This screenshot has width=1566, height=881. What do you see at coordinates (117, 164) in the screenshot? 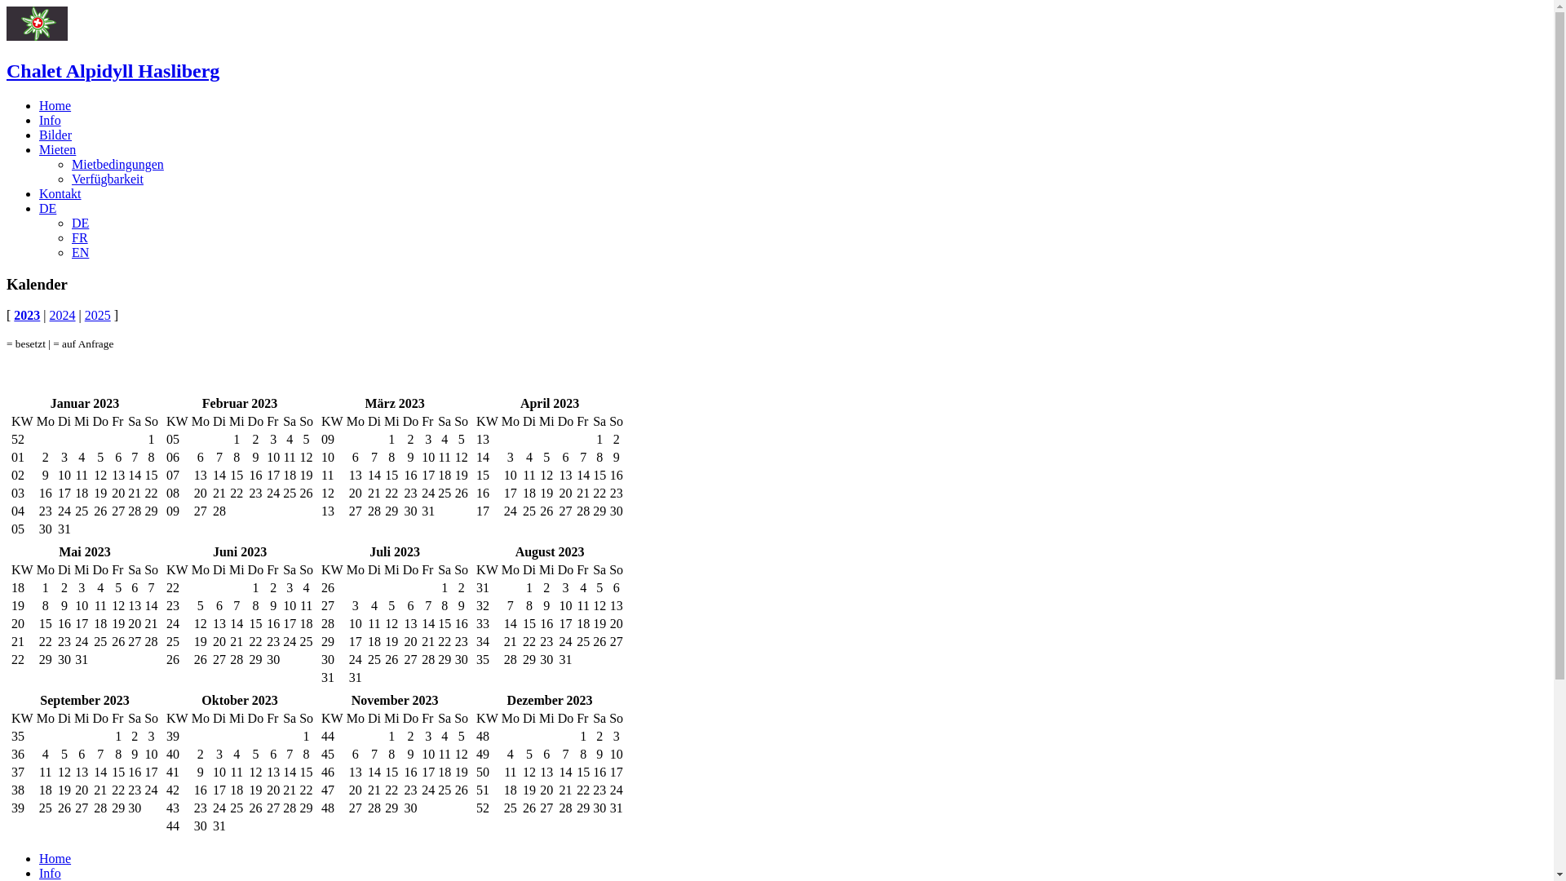
I see `'Mietbedingungen'` at bounding box center [117, 164].